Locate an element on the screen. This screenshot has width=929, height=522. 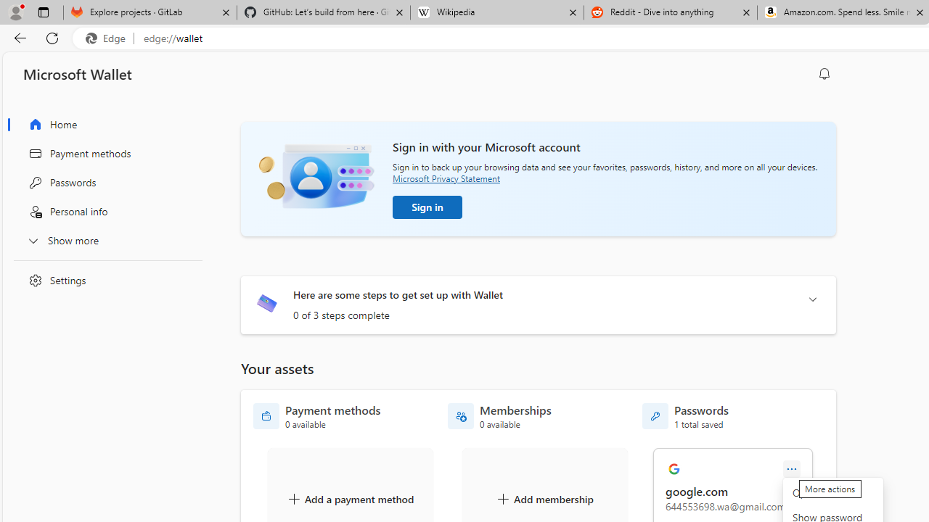
'Microsoft Privacy Statement' is located at coordinates (446, 178).